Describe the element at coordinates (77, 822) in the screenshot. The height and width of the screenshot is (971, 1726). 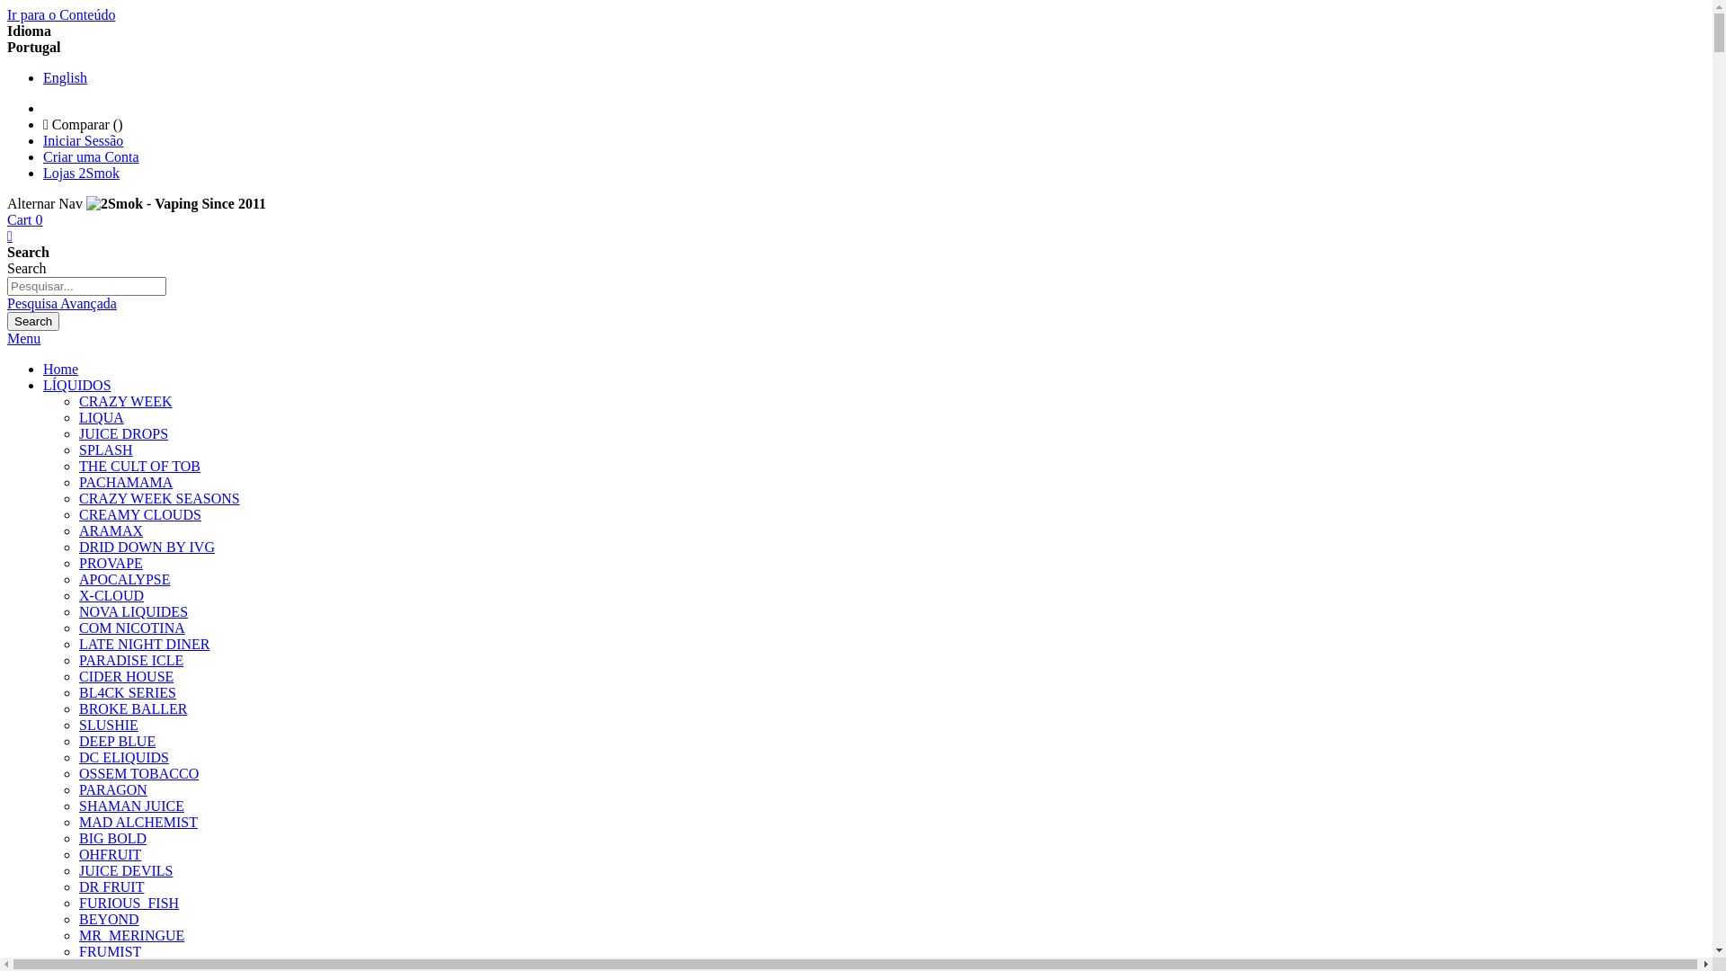
I see `'MAD ALCHEMIST'` at that location.